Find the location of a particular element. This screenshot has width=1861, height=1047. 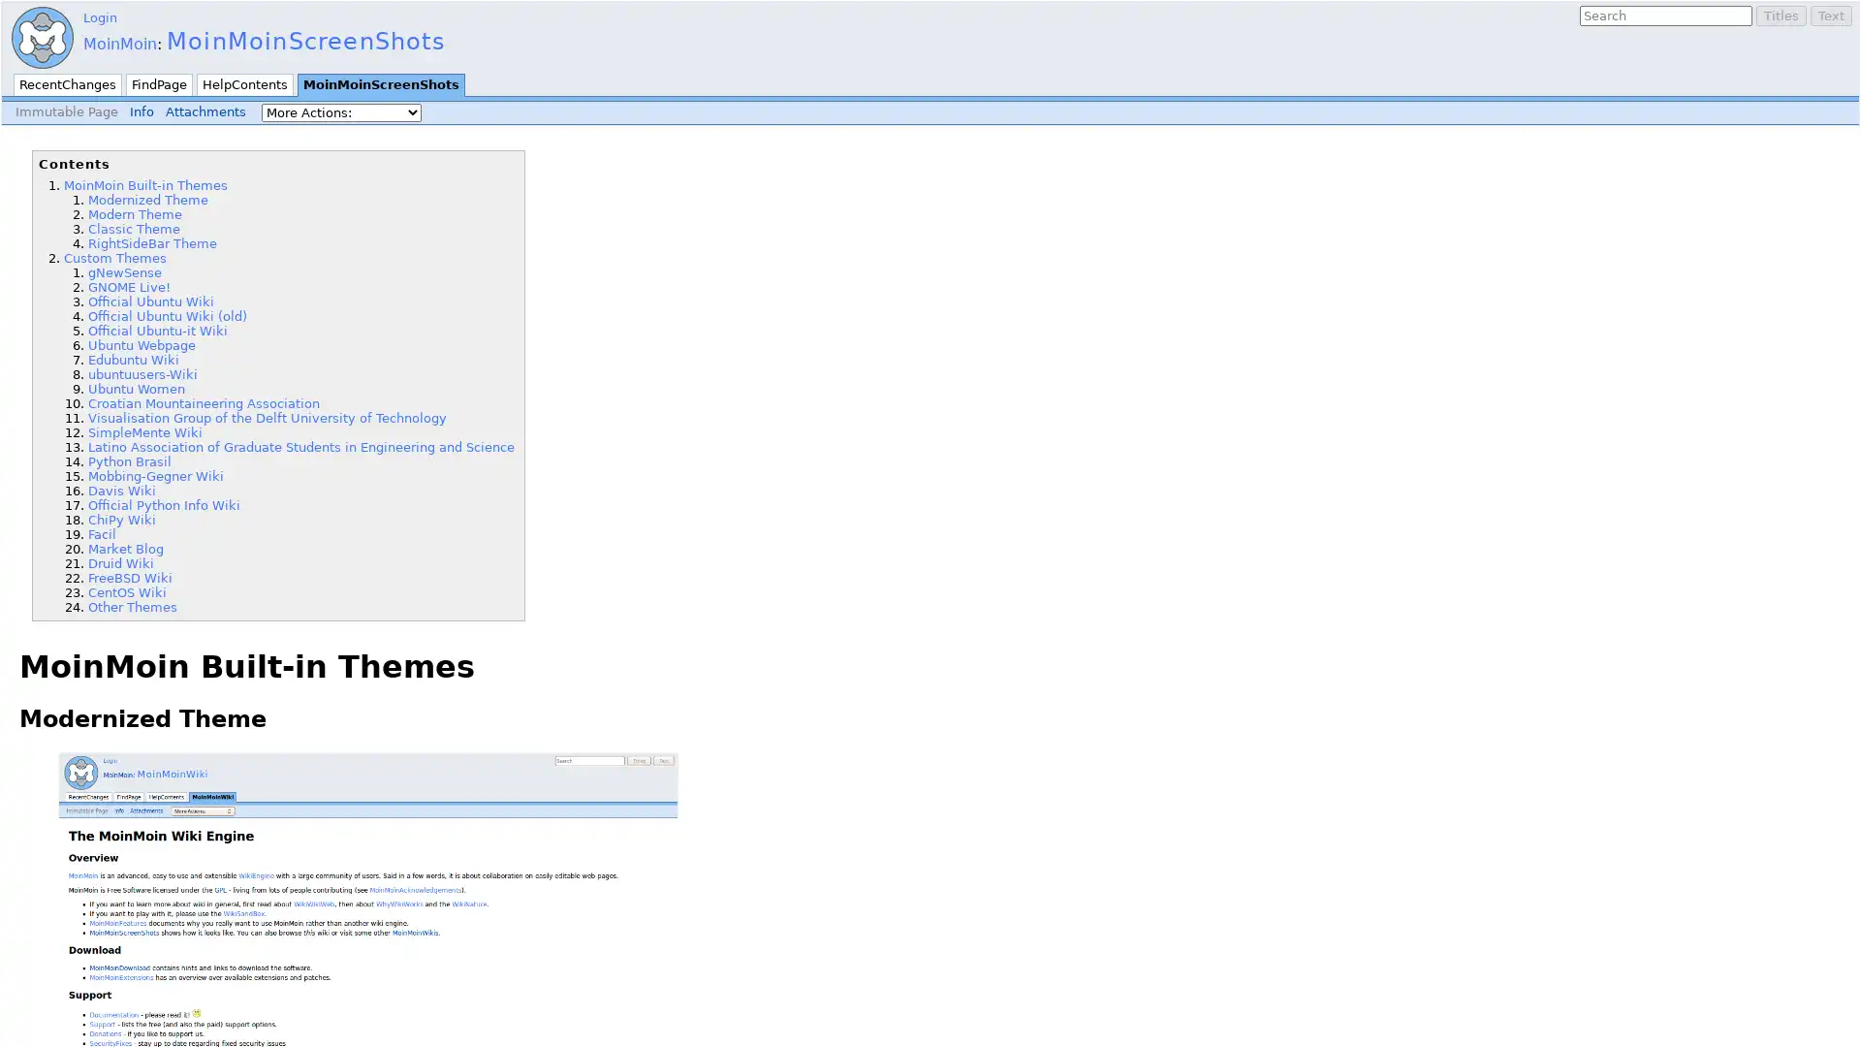

Text is located at coordinates (1830, 16).